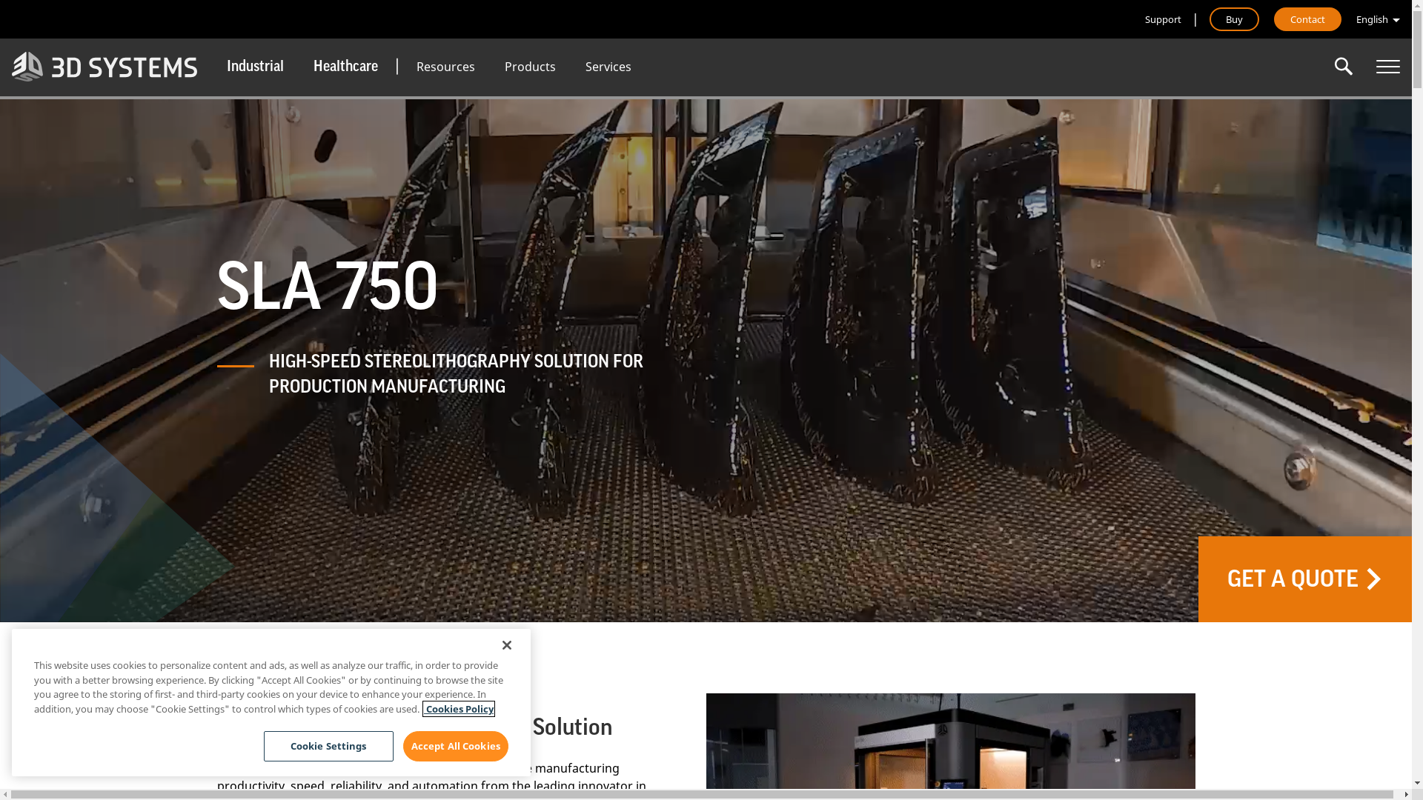  Describe the element at coordinates (255, 65) in the screenshot. I see `'Industrial'` at that location.